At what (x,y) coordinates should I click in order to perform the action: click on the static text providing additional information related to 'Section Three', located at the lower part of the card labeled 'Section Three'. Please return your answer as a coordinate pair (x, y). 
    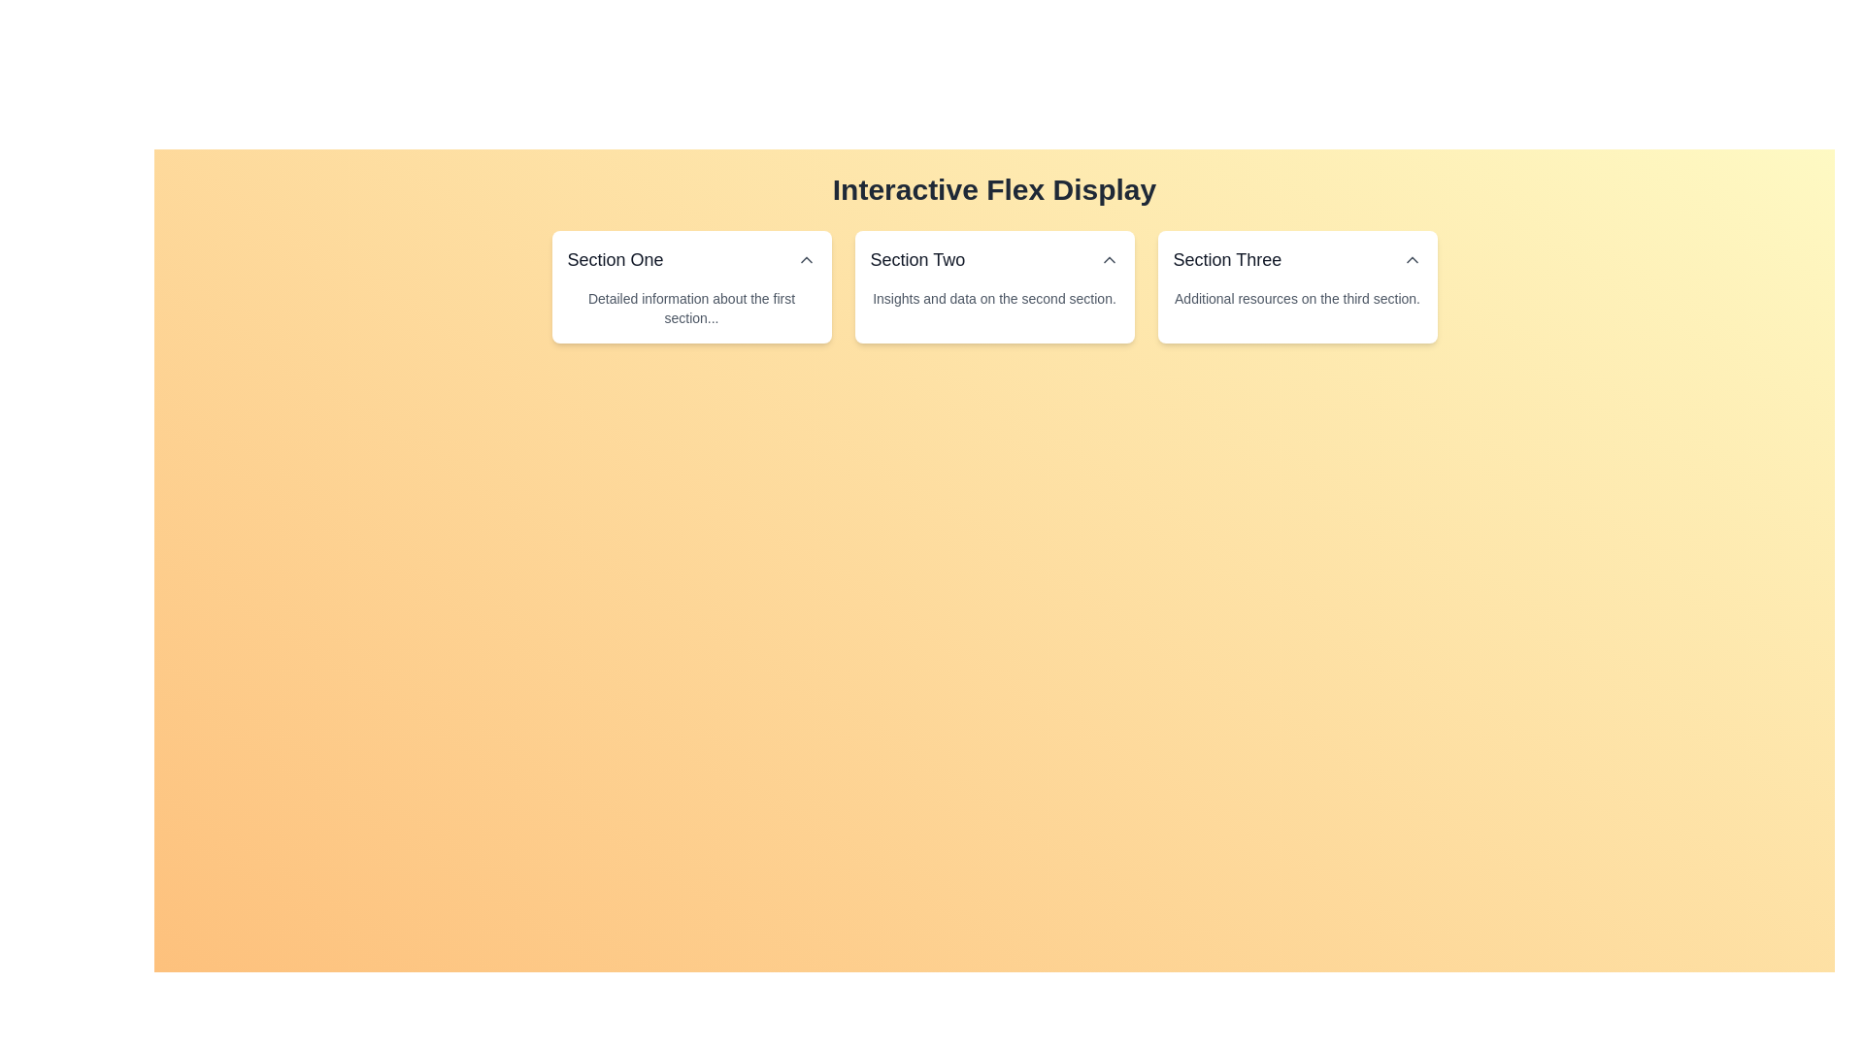
    Looking at the image, I should click on (1297, 299).